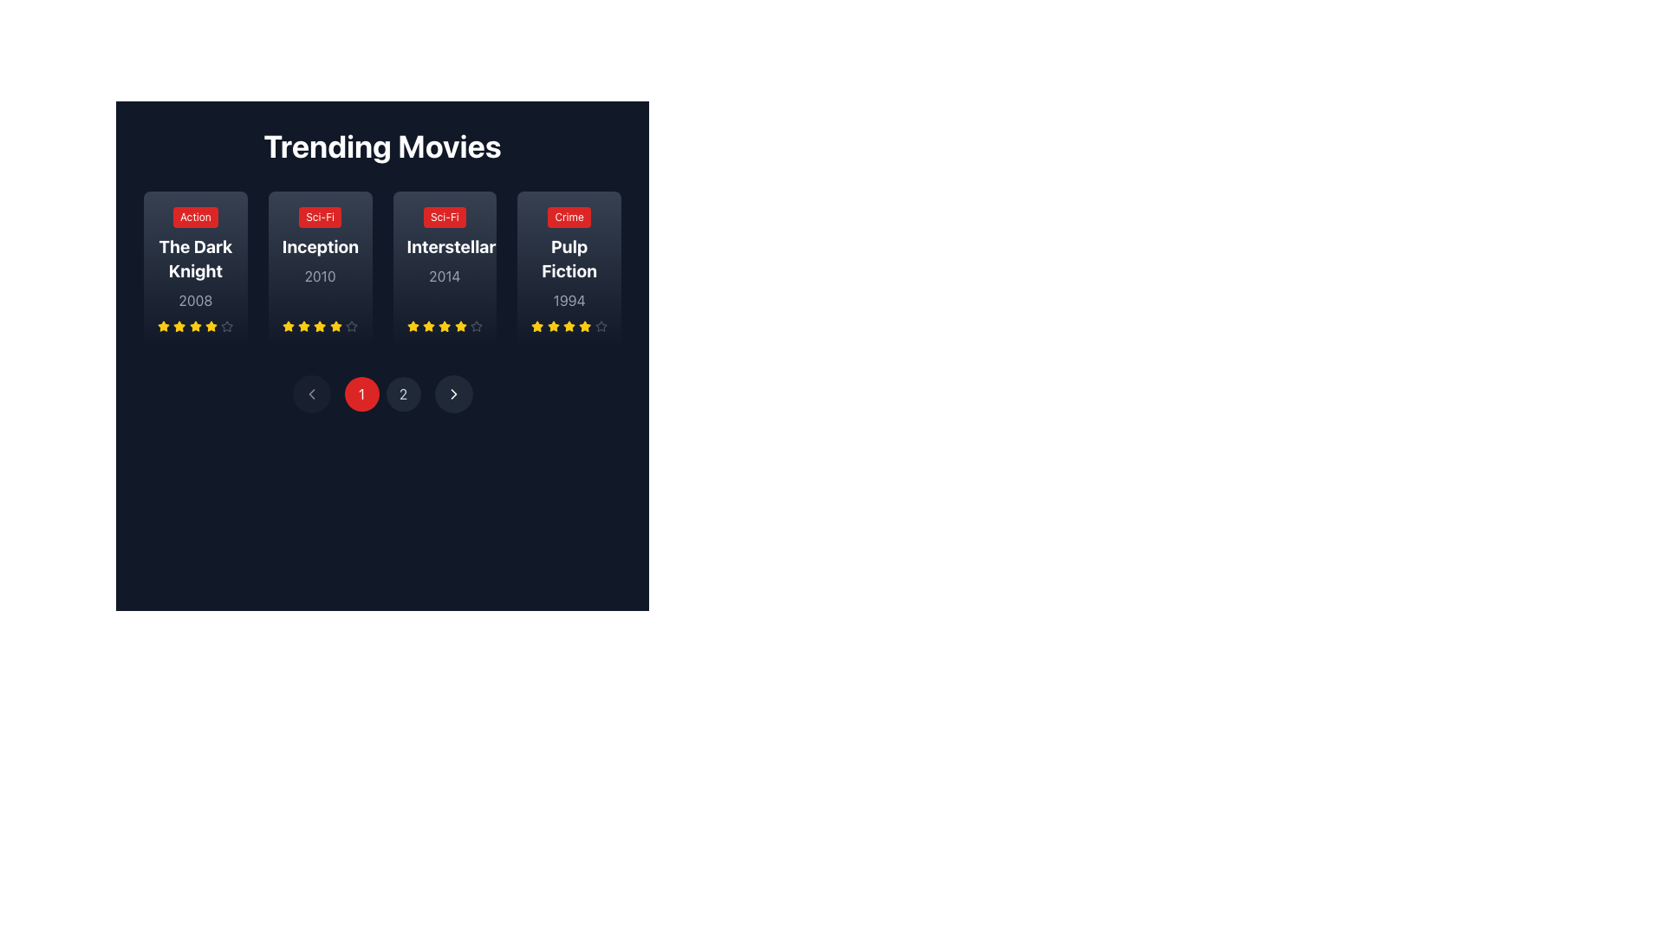 This screenshot has width=1664, height=936. Describe the element at coordinates (552, 326) in the screenshot. I see `the third filled yellow star icon in the rating system for the movie 'Pulp Fiction' located in the fourth column of the 'Trending Movies' section` at that location.